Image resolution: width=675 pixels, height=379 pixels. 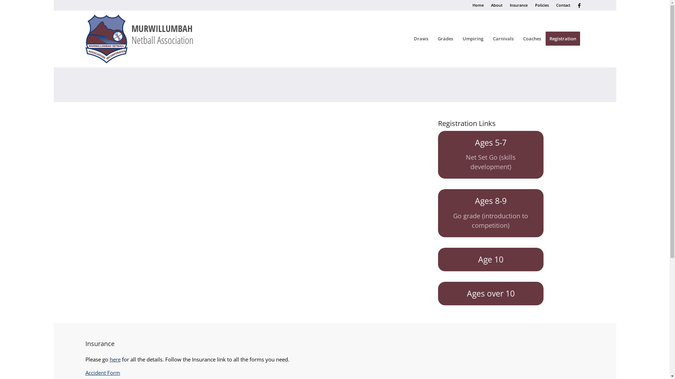 What do you see at coordinates (115, 359) in the screenshot?
I see `'here'` at bounding box center [115, 359].